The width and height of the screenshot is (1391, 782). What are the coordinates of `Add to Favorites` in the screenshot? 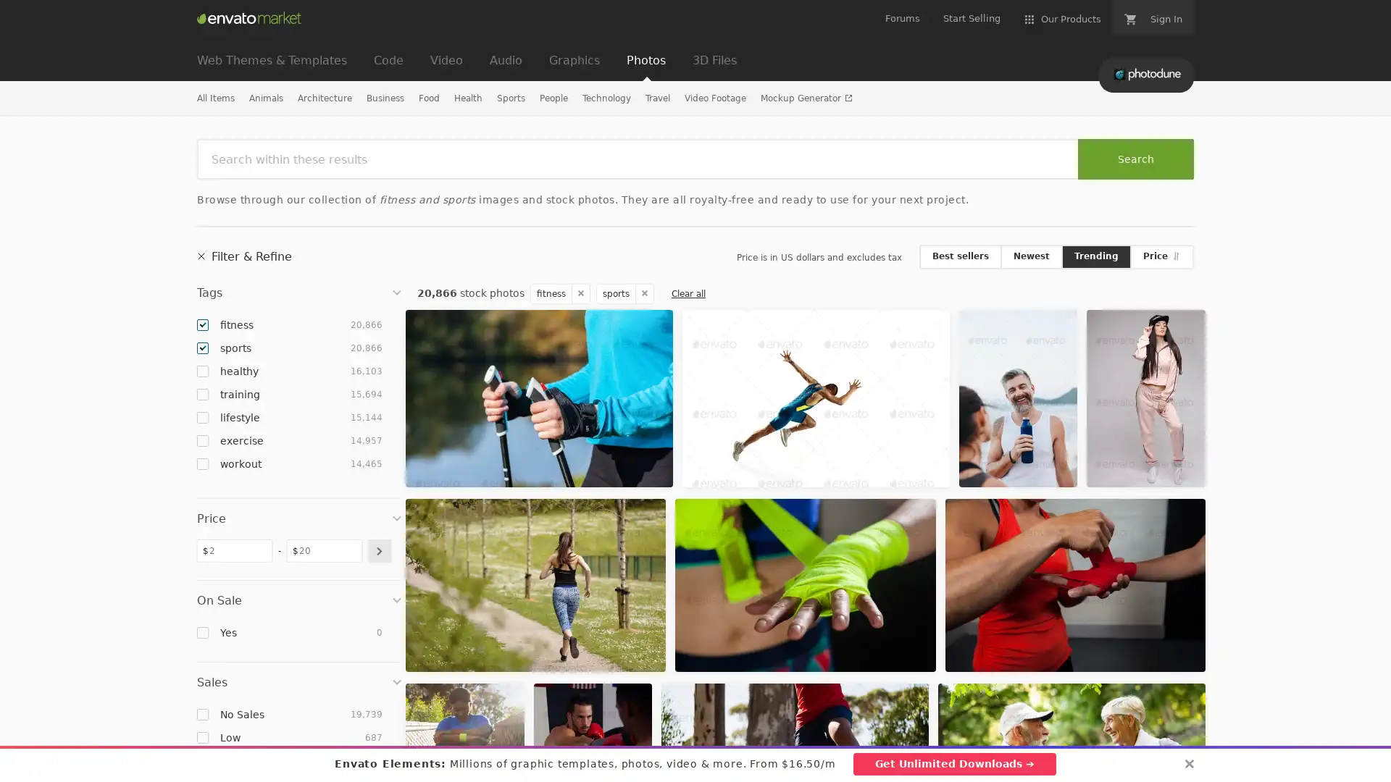 It's located at (646, 516).